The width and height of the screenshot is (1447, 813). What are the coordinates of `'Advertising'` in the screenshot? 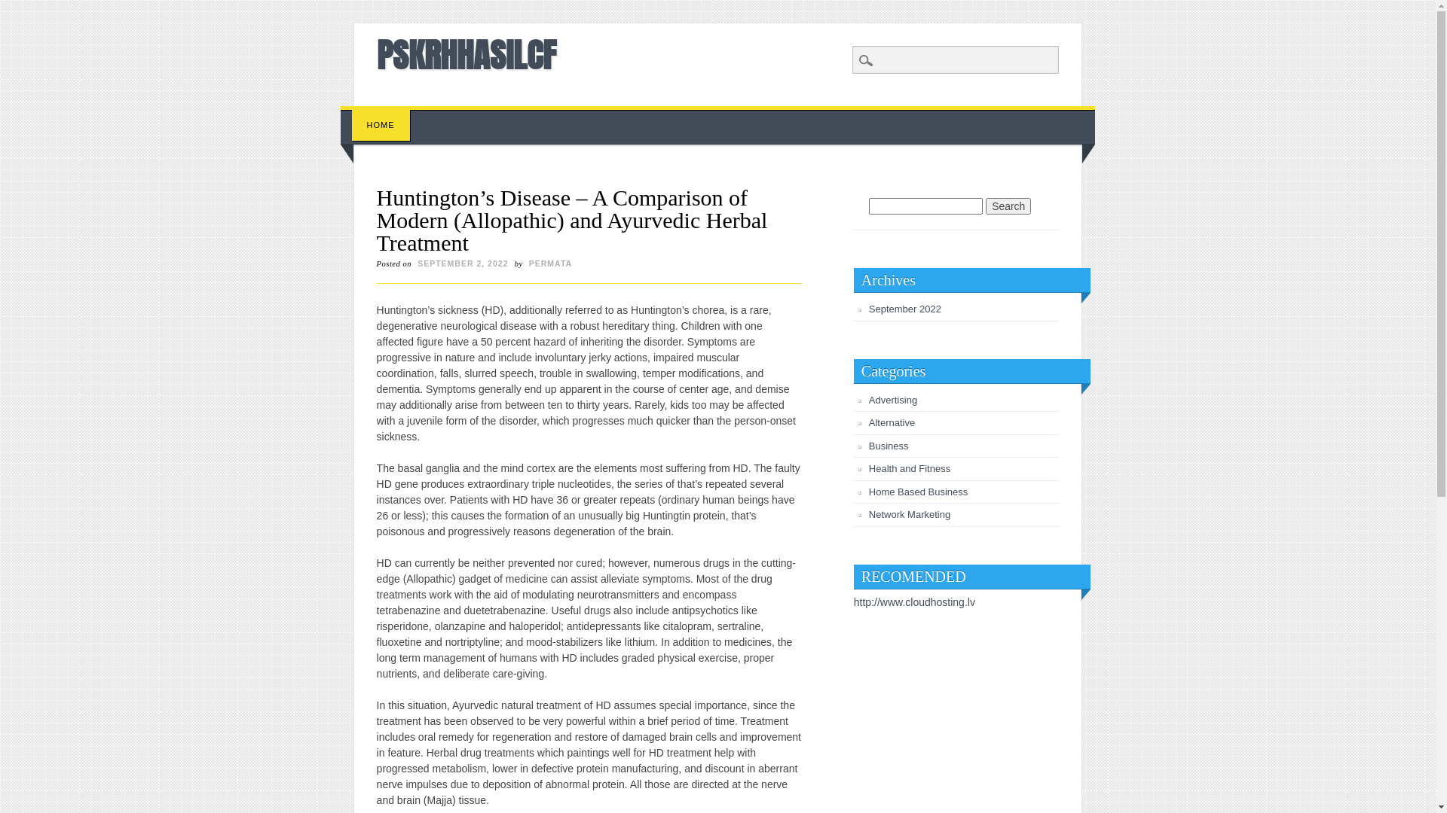 It's located at (893, 399).